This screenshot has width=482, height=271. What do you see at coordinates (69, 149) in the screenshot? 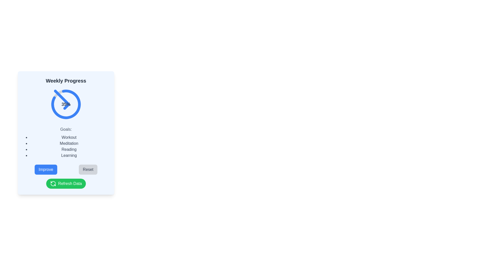
I see `the static text label indicating one of the goals listed under 'Goals', which is the third item in the bullet-point list, positioned below the 'Goals:' label` at bounding box center [69, 149].